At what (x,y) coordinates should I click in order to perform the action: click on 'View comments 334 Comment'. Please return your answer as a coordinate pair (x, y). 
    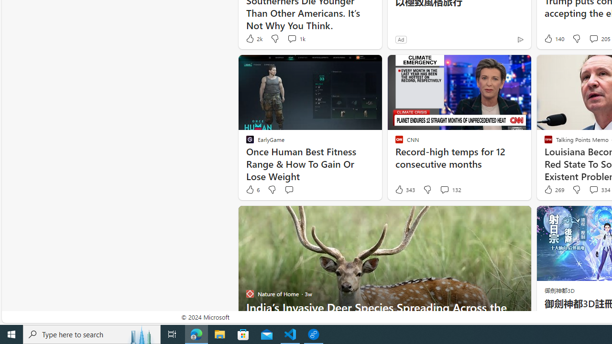
    Looking at the image, I should click on (593, 190).